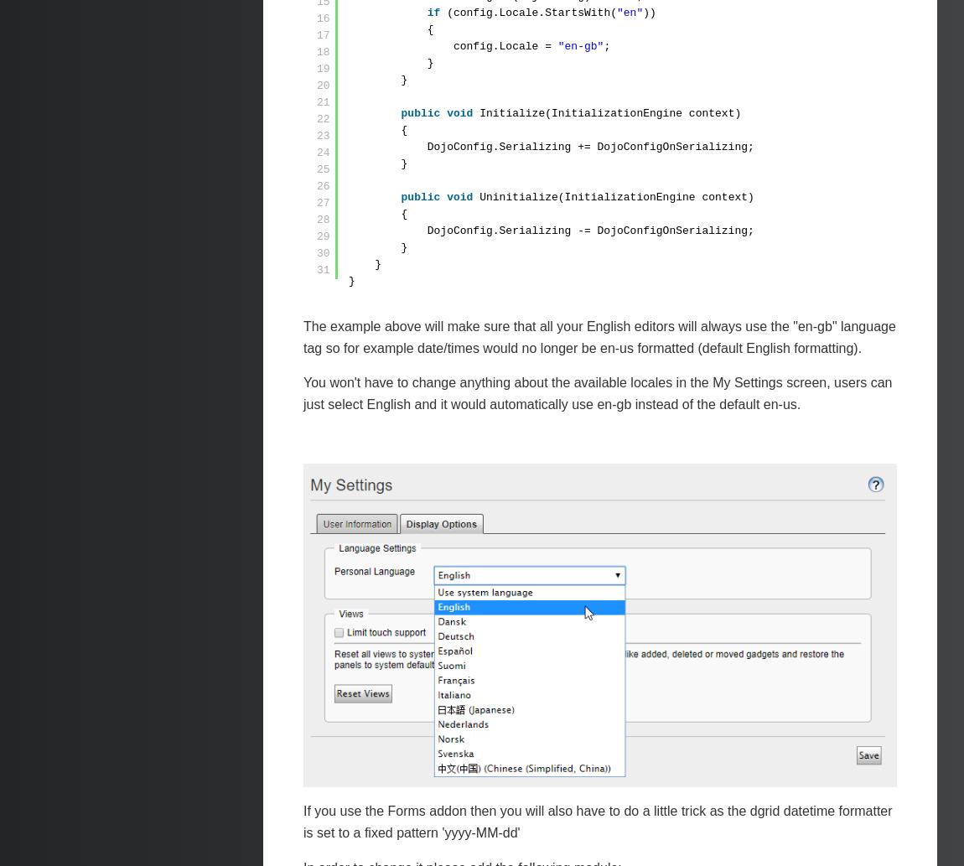 Image resolution: width=964 pixels, height=866 pixels. What do you see at coordinates (597, 821) in the screenshot?
I see `'If you use the Forms addon then you will also have to do a little trick as the dgrid datetime formatter is set to a fixed pattern 'yyyy-MM-dd''` at bounding box center [597, 821].